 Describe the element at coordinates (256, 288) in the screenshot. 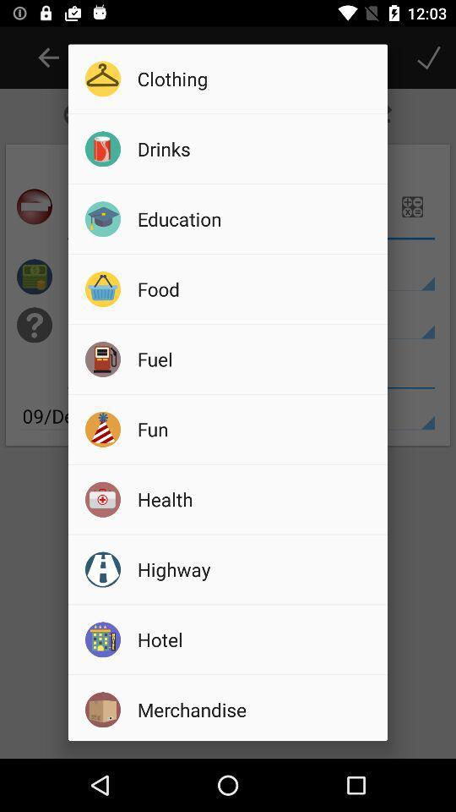

I see `the icon below the education icon` at that location.